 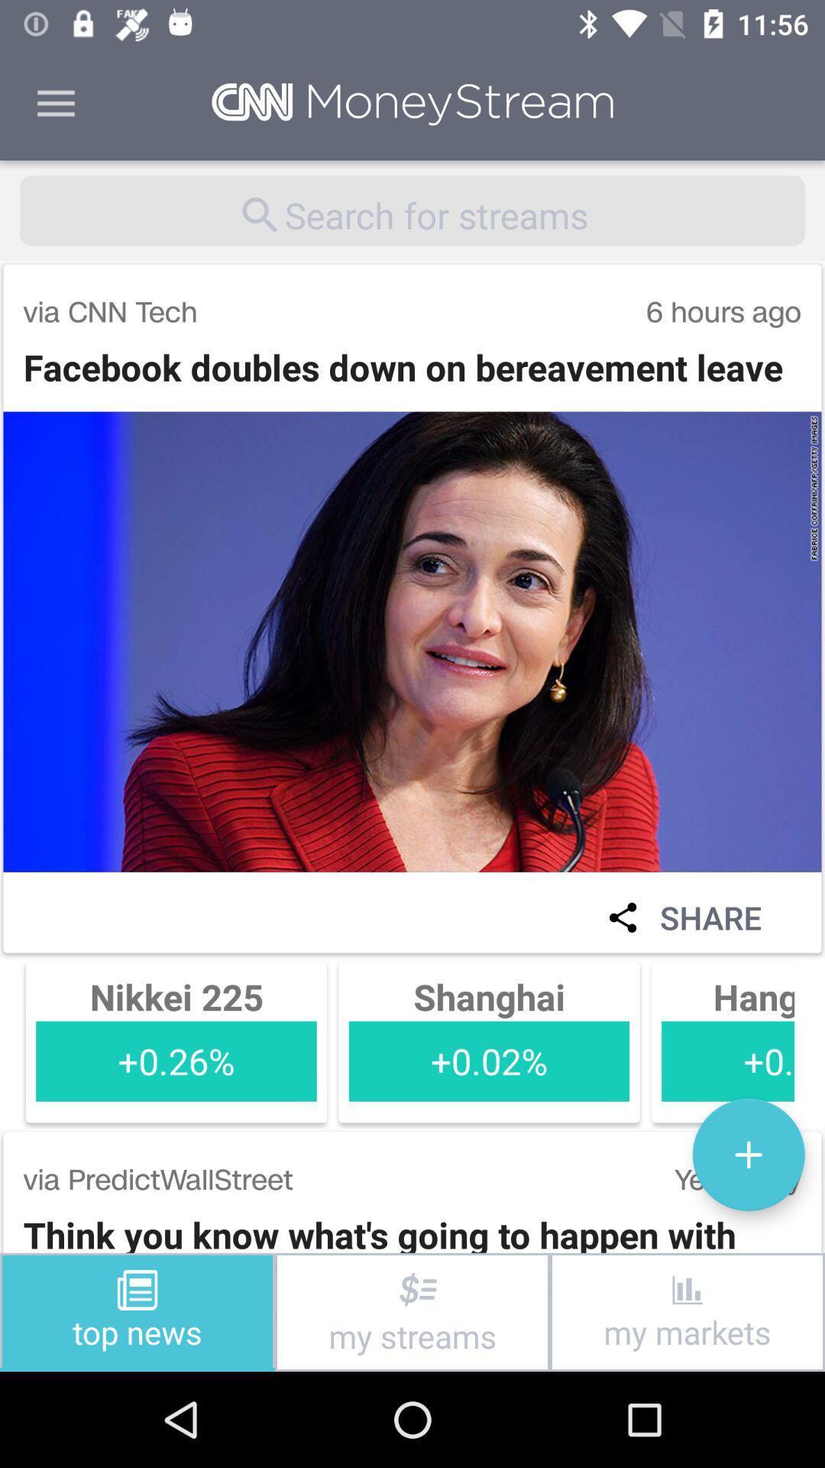 What do you see at coordinates (412, 209) in the screenshot?
I see `serch` at bounding box center [412, 209].